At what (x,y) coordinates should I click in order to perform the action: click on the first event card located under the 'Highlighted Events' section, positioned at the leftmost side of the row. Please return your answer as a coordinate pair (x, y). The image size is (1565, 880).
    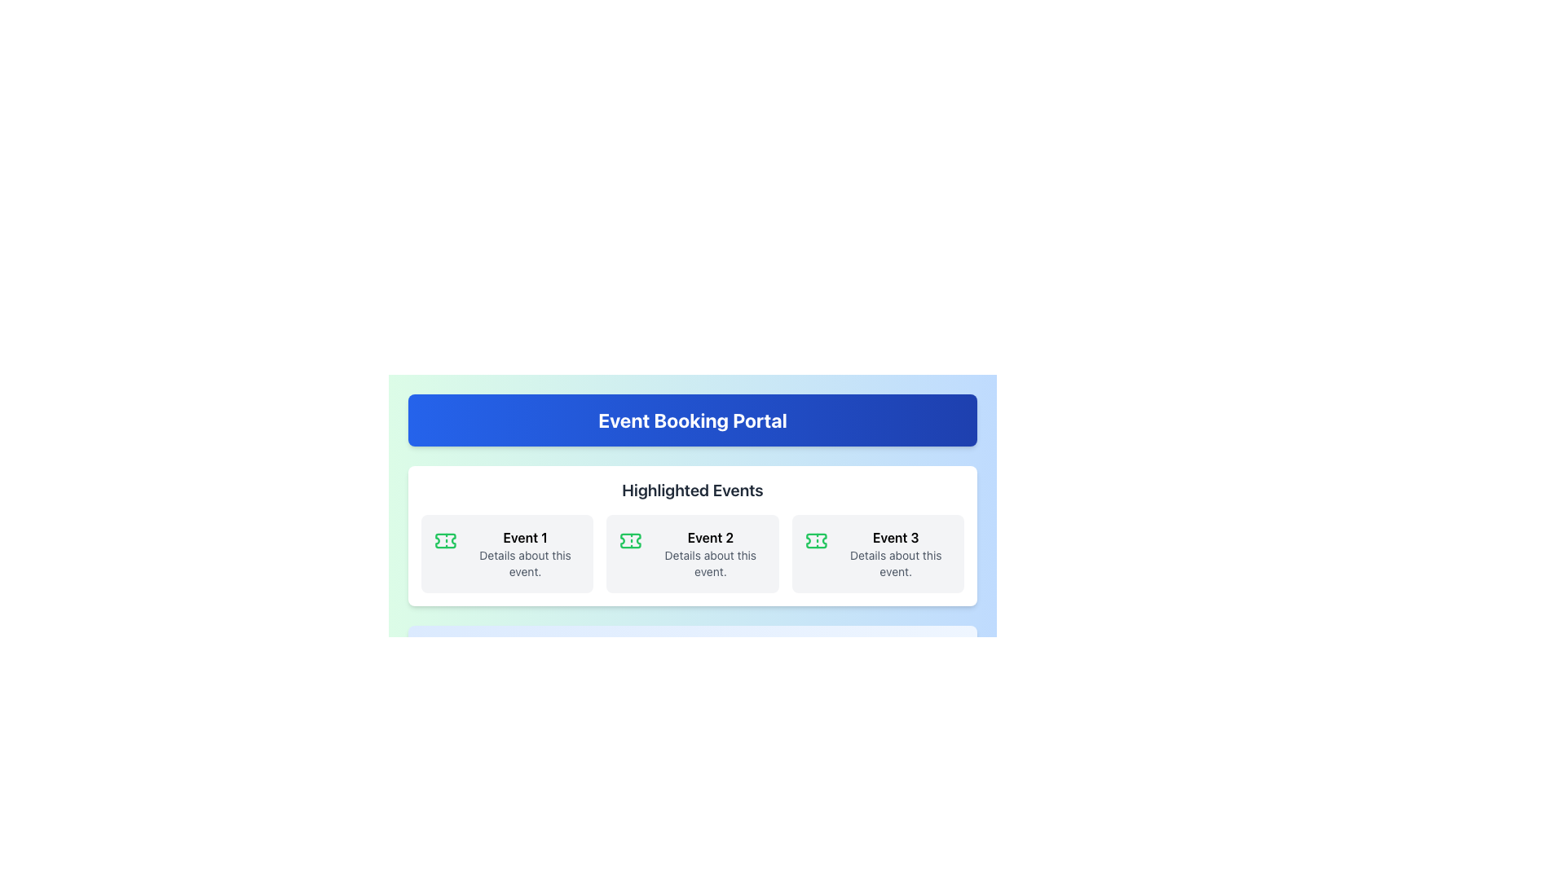
    Looking at the image, I should click on (506, 552).